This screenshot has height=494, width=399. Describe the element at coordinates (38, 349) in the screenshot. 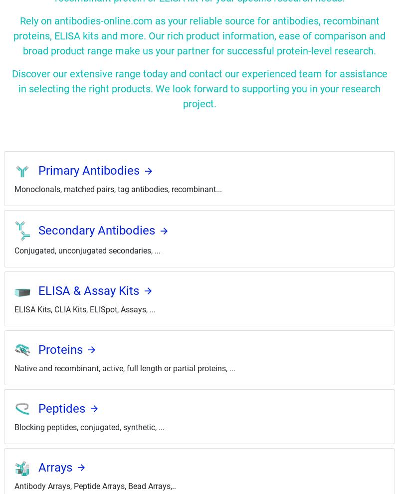

I see `'Proteins'` at that location.